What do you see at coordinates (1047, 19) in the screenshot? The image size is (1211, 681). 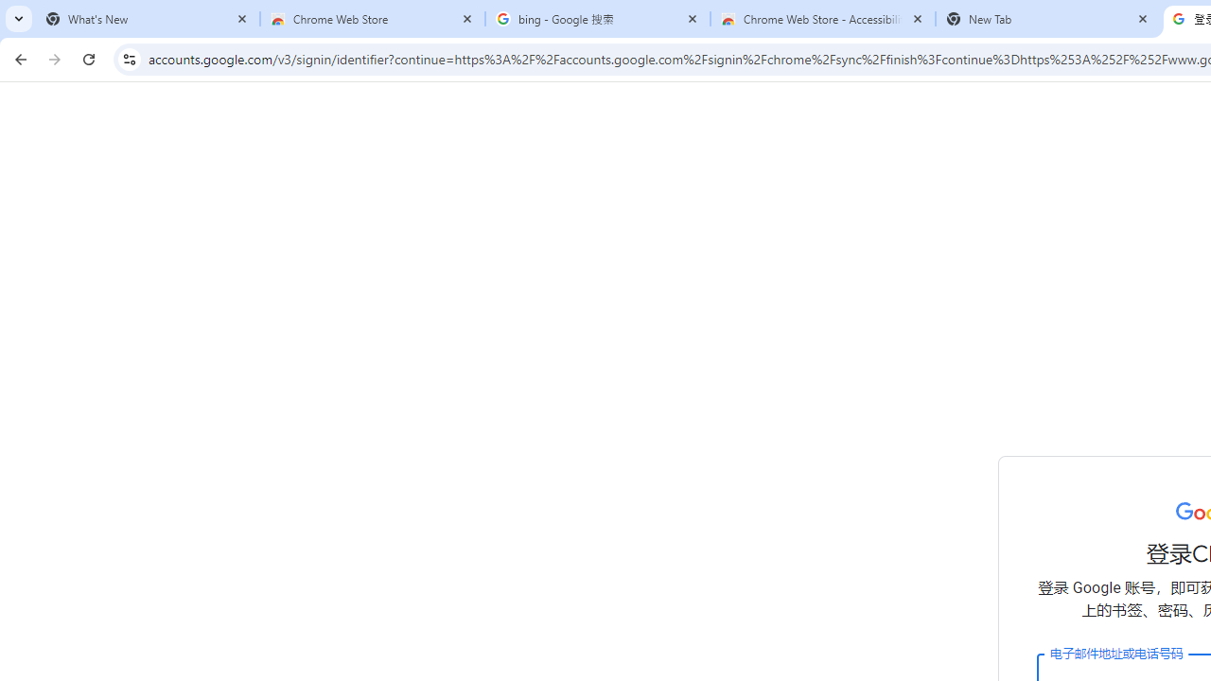 I see `'New Tab'` at bounding box center [1047, 19].